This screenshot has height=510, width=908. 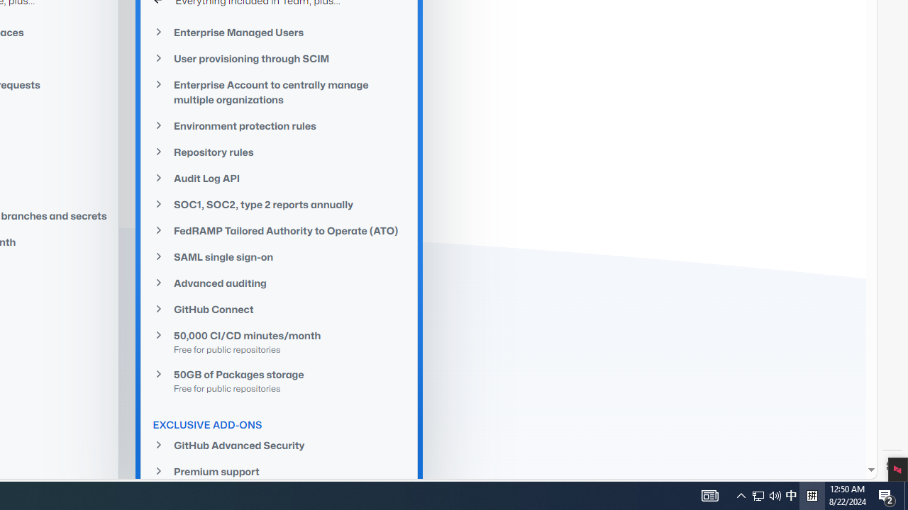 What do you see at coordinates (279, 32) in the screenshot?
I see `'Enterprise Managed Users'` at bounding box center [279, 32].